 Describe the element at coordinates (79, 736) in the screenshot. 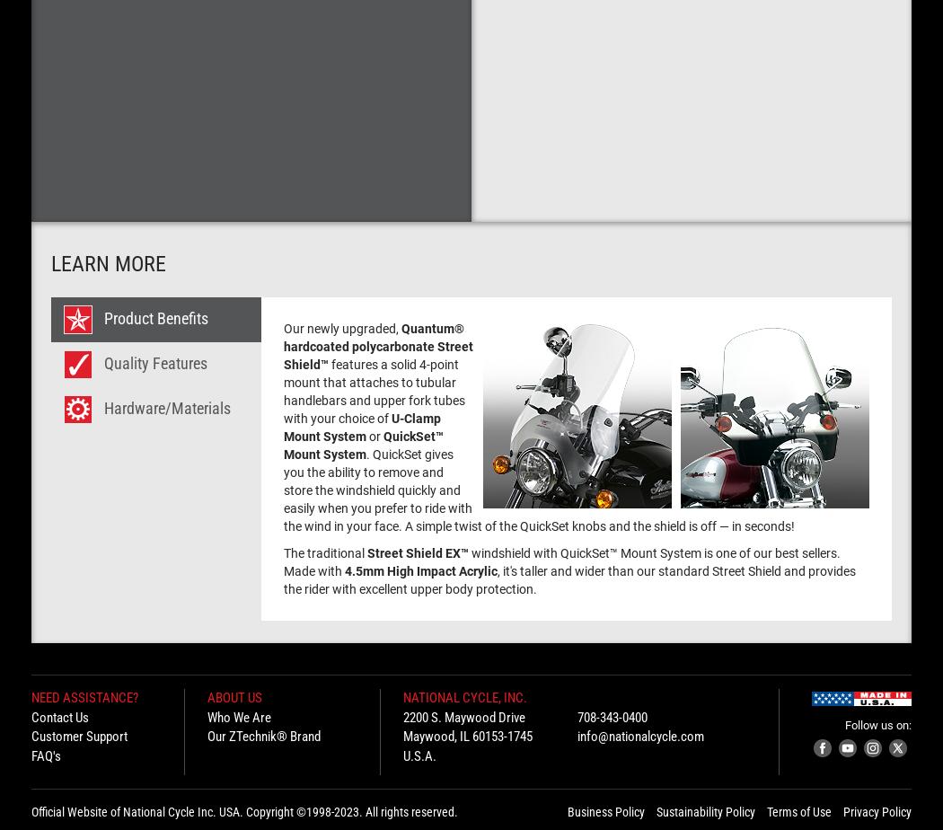

I see `'Customer Support'` at that location.